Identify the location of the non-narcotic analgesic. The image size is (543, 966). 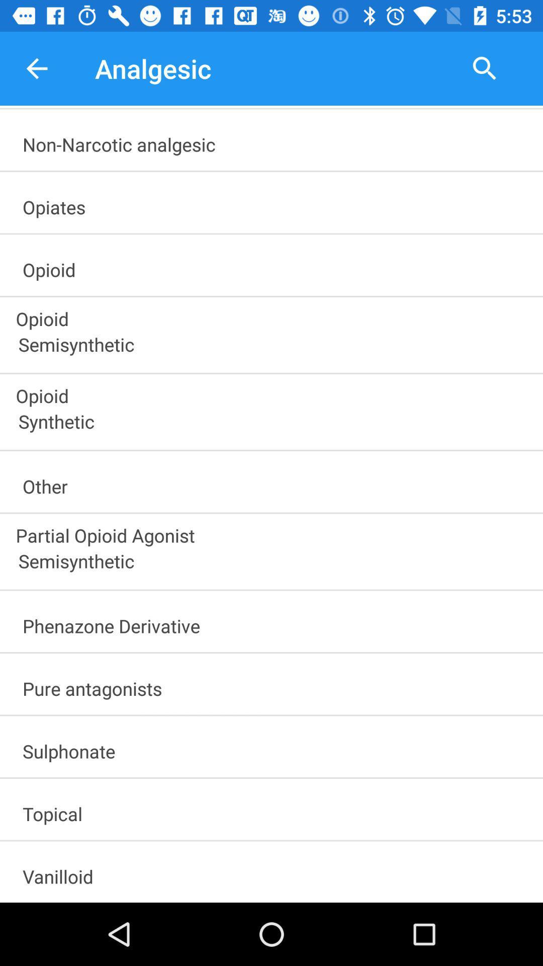
(276, 140).